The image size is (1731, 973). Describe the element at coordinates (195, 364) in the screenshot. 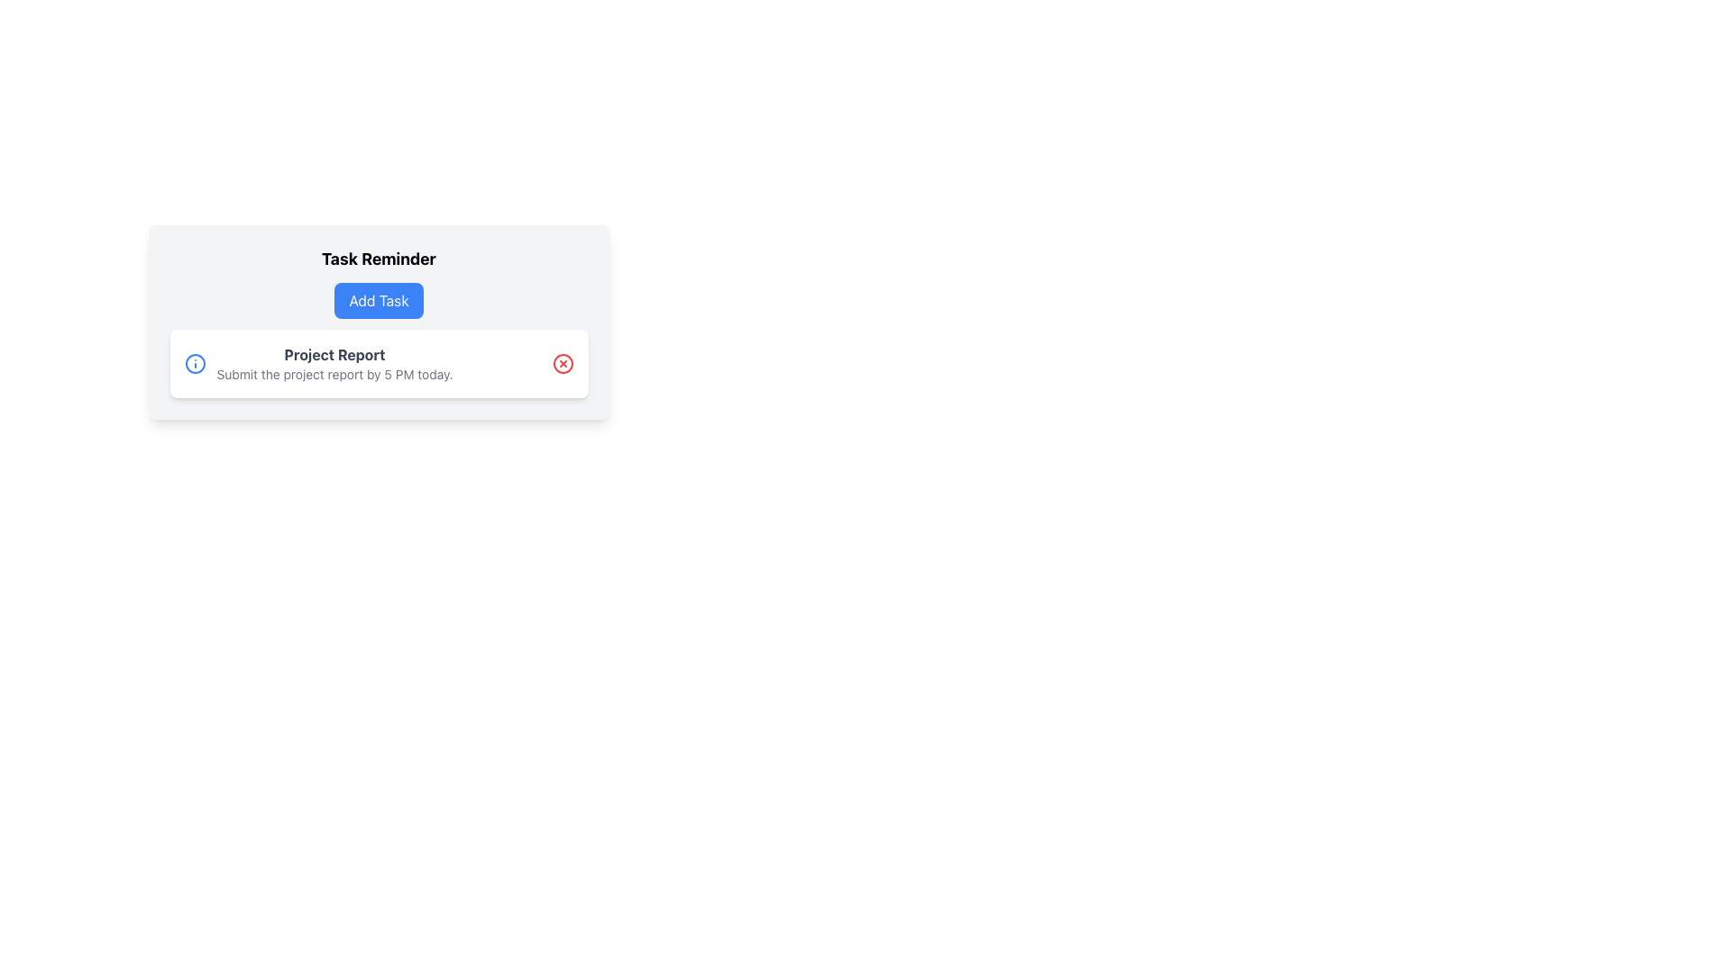

I see `the circular icon with a blue outline and central dot, located to the left of the 'Project Report' title in the 'Task Reminder' section` at that location.